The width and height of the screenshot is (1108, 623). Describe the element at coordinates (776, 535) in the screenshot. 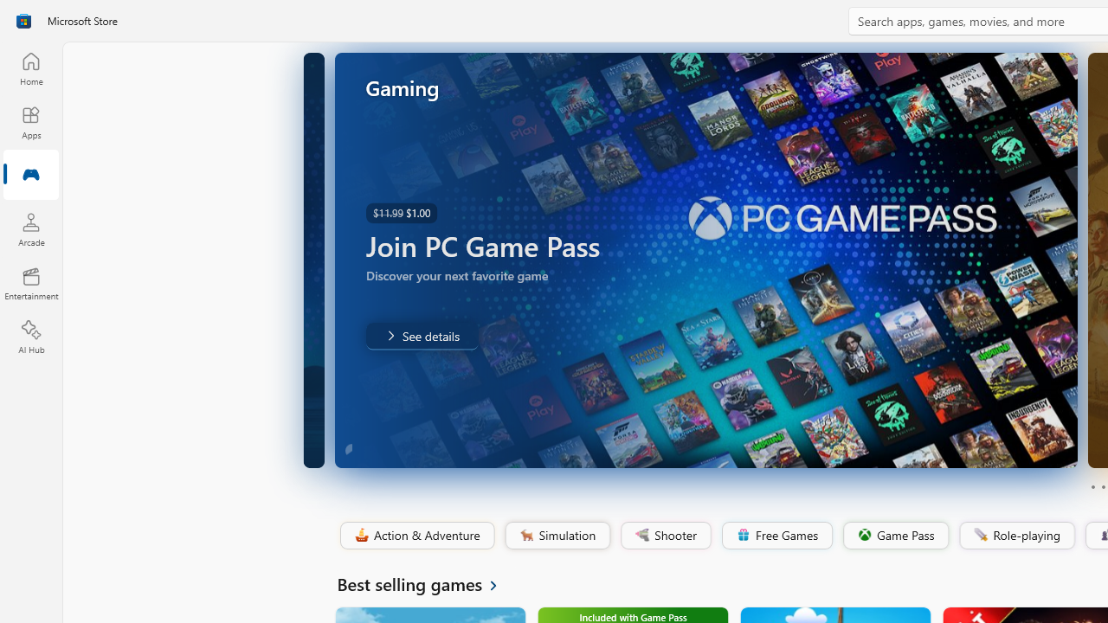

I see `'Free Games'` at that location.